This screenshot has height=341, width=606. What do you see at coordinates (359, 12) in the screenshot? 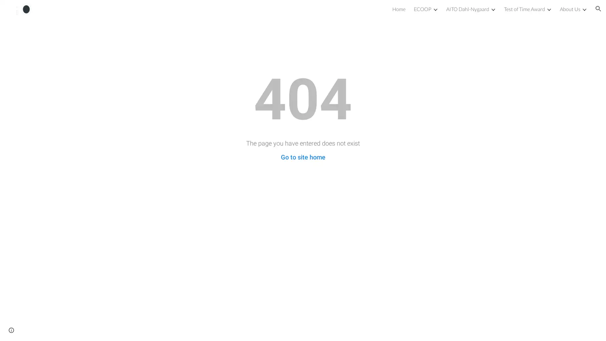
I see `Skip to navigation` at bounding box center [359, 12].